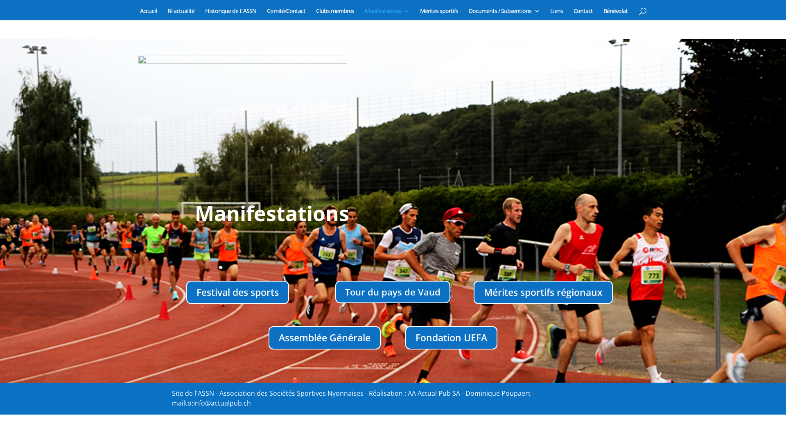  What do you see at coordinates (451, 338) in the screenshot?
I see `'Fondation UEFA'` at bounding box center [451, 338].